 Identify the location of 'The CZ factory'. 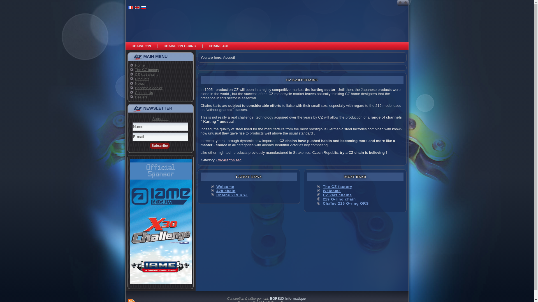
(337, 187).